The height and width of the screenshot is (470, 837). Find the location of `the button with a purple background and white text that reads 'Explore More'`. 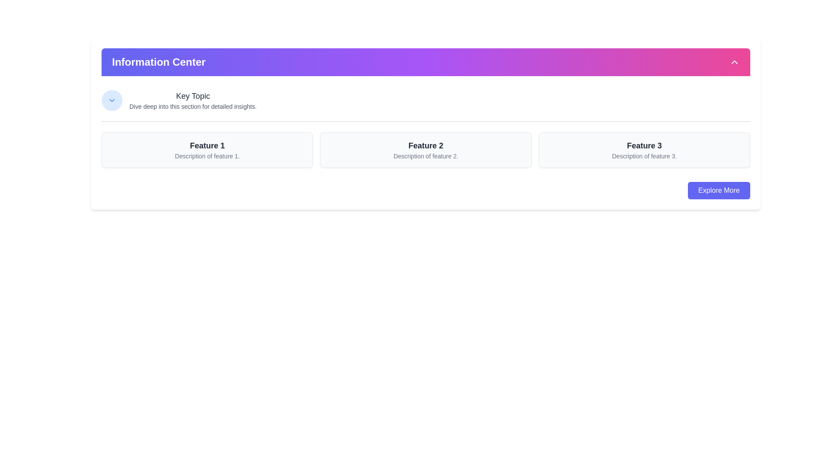

the button with a purple background and white text that reads 'Explore More' is located at coordinates (719, 190).